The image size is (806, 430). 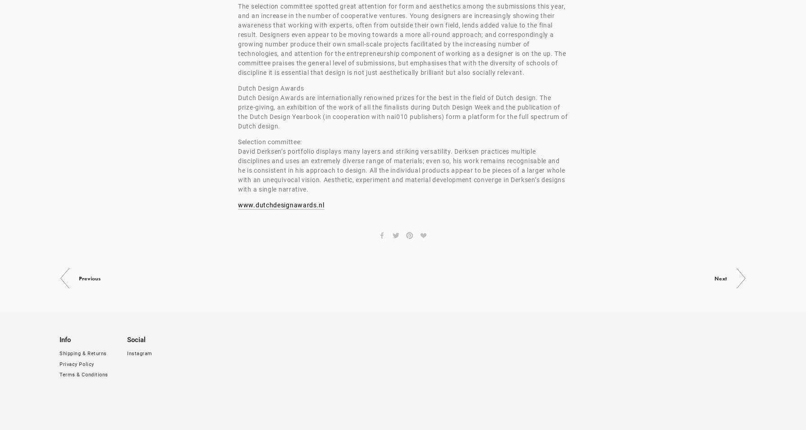 What do you see at coordinates (59, 364) in the screenshot?
I see `'Privacy Policy'` at bounding box center [59, 364].